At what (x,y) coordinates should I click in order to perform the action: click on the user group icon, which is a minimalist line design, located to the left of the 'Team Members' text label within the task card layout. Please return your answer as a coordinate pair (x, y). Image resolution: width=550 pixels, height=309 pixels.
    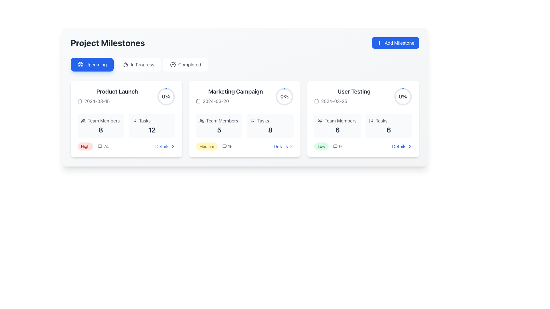
    Looking at the image, I should click on (320, 120).